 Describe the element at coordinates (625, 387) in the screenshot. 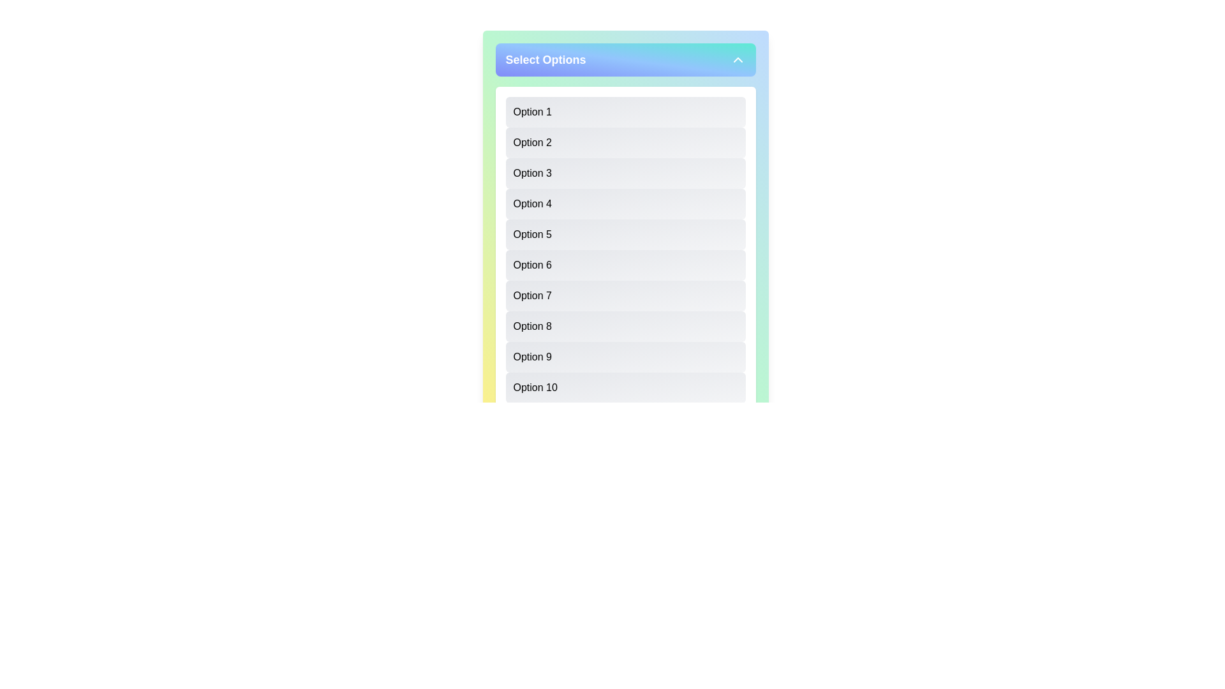

I see `the button labeled 'Option 10'` at that location.